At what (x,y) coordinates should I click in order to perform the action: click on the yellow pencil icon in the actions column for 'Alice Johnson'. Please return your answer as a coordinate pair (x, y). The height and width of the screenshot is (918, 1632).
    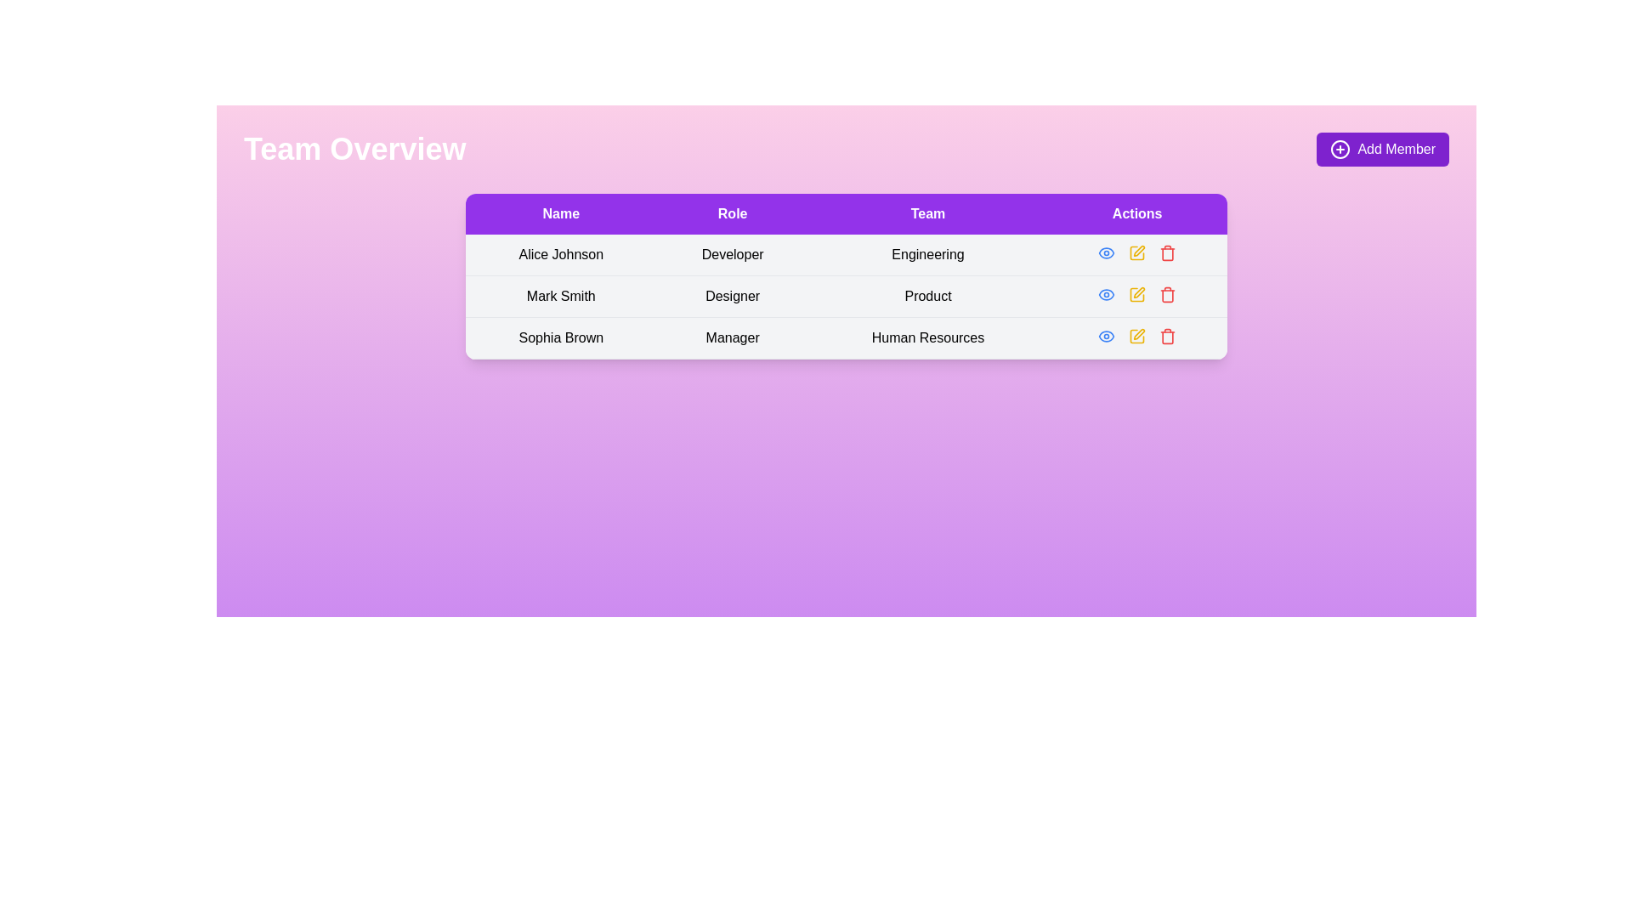
    Looking at the image, I should click on (1137, 252).